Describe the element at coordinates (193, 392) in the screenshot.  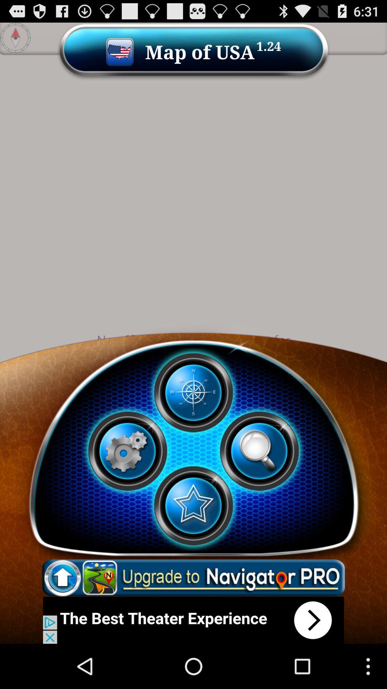
I see `open map` at that location.